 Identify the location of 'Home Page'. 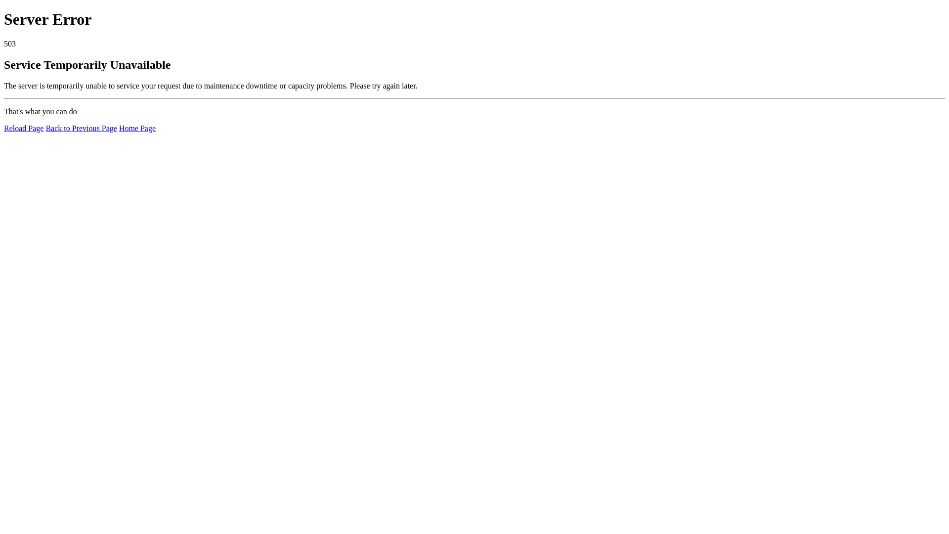
(119, 128).